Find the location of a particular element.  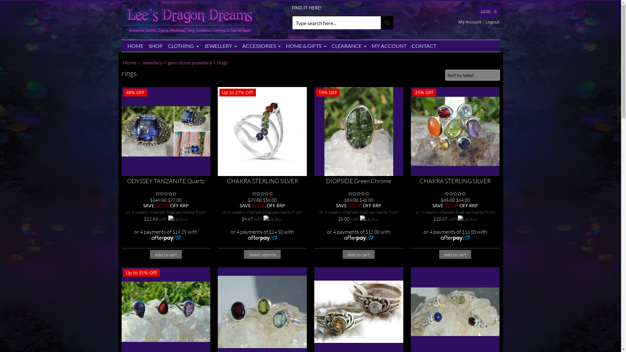

'Jewellery' is located at coordinates (152, 62).